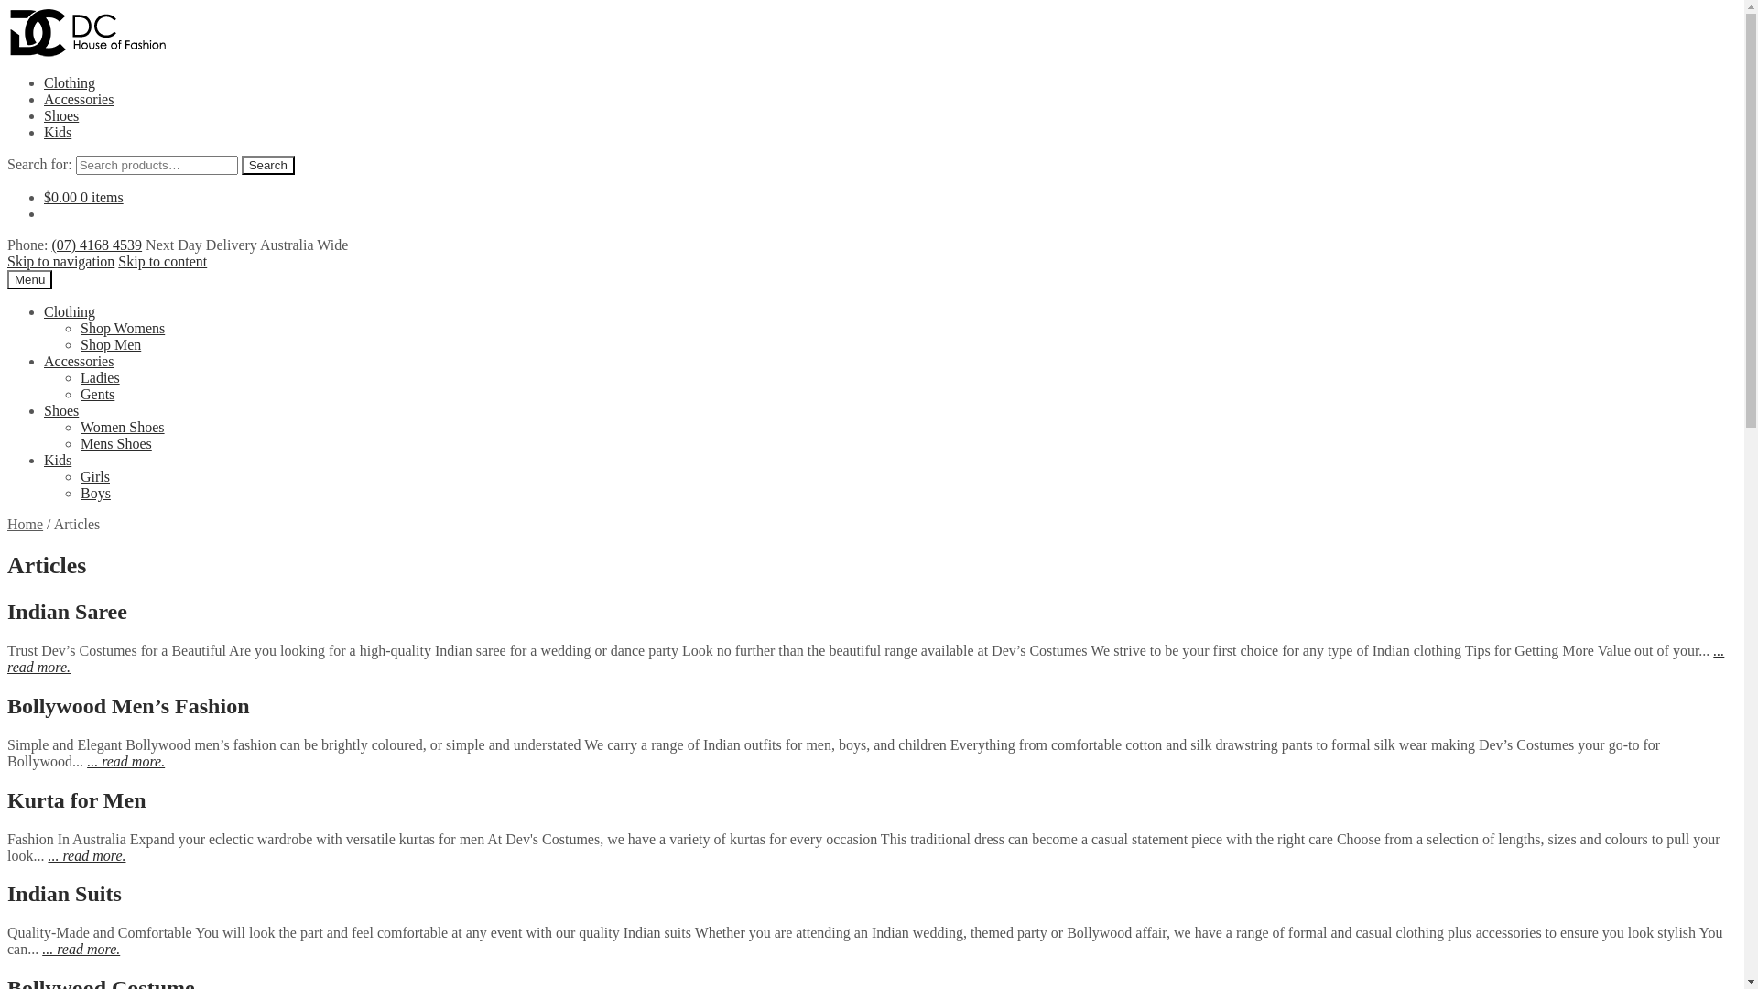 The height and width of the screenshot is (989, 1758). I want to click on '... read more.', so click(864, 658).